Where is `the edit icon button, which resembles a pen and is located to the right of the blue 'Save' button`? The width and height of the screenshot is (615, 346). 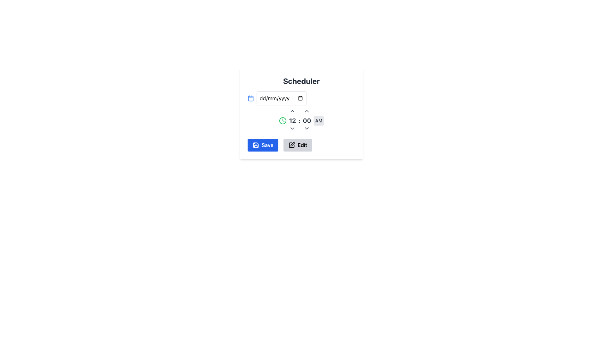 the edit icon button, which resembles a pen and is located to the right of the blue 'Save' button is located at coordinates (292, 144).